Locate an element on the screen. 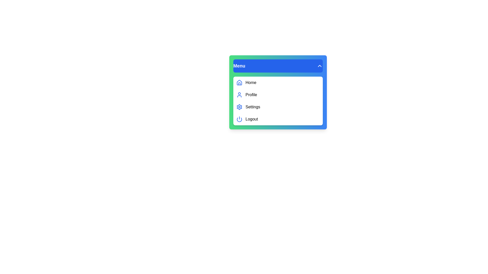 This screenshot has height=274, width=488. the menu option Logout from the menu is located at coordinates (278, 119).